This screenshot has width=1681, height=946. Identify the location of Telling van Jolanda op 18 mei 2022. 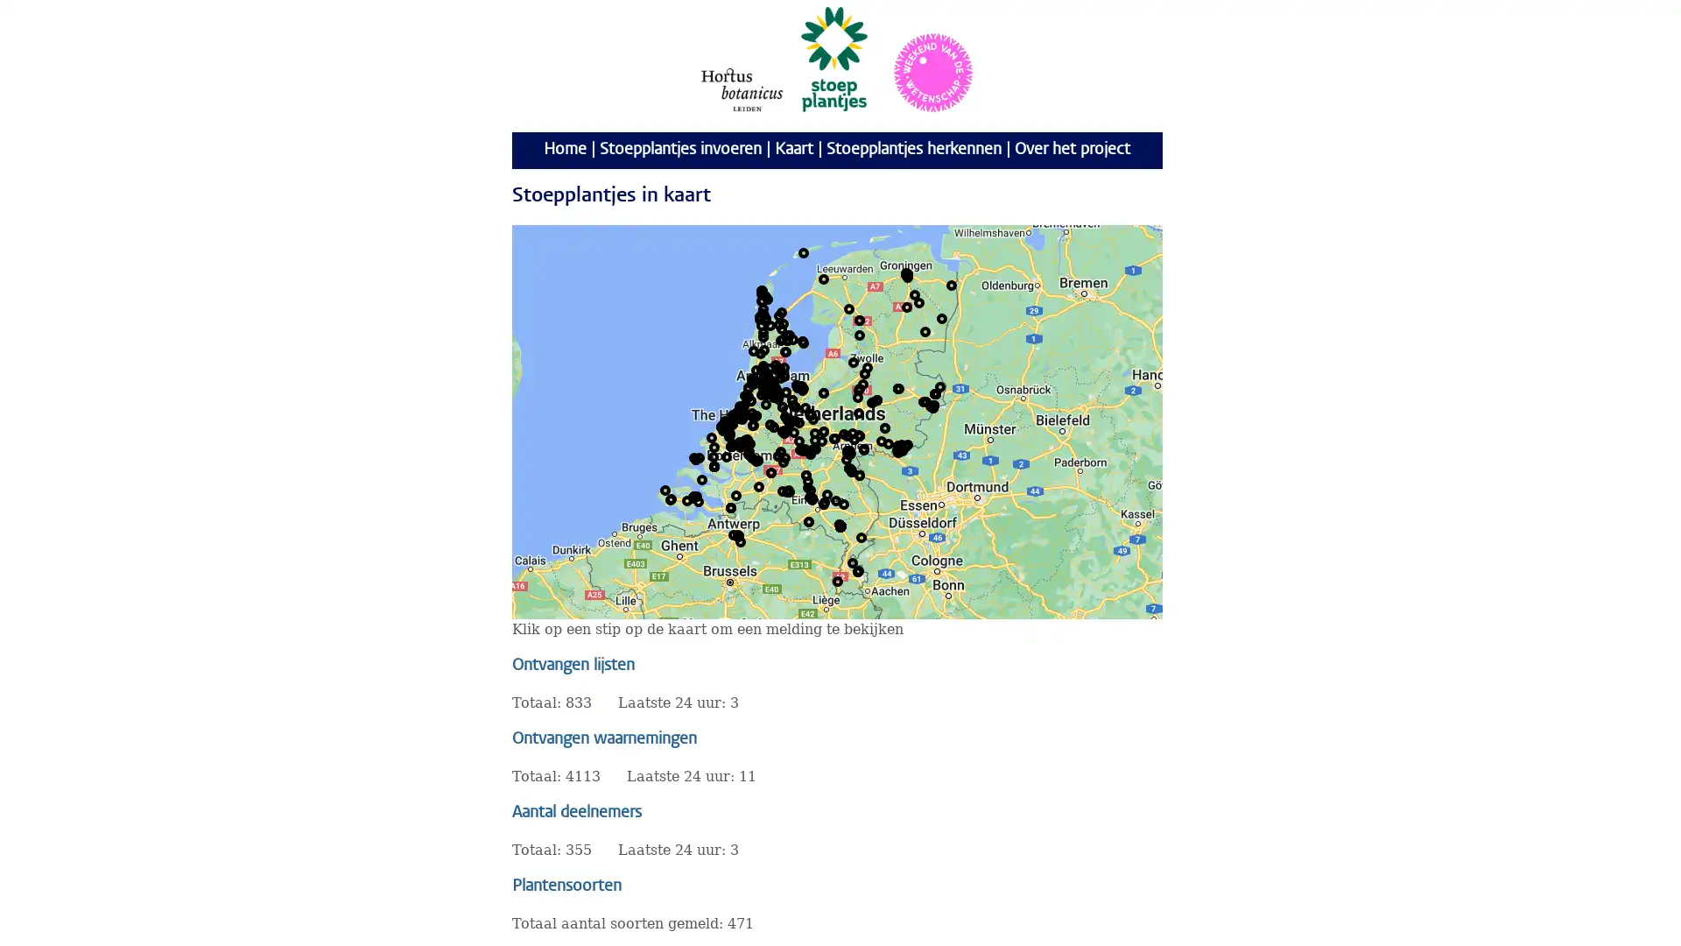
(788, 490).